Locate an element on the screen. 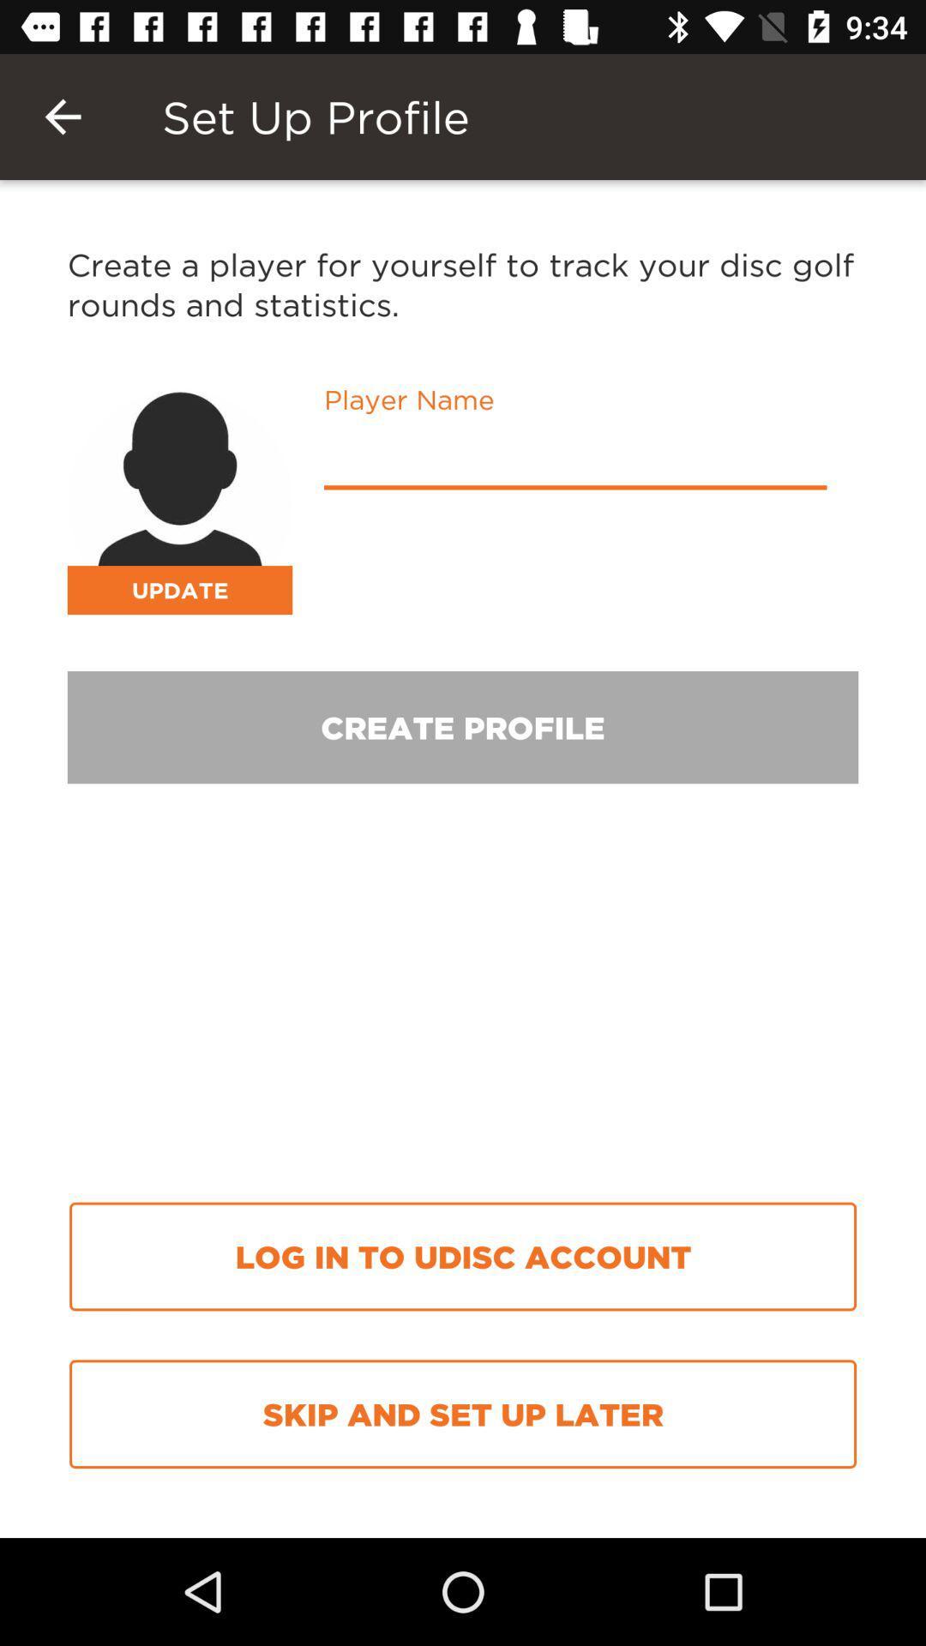 The width and height of the screenshot is (926, 1646). profile picture is located at coordinates (179, 501).